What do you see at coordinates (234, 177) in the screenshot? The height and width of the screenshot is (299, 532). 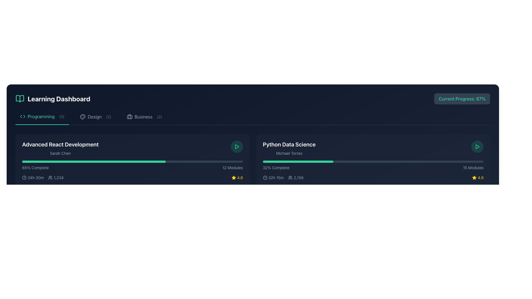 I see `the yellow star-shaped Rating Icon located next to the numeric rating value '4.8' for the 'Advanced React Development' module` at bounding box center [234, 177].